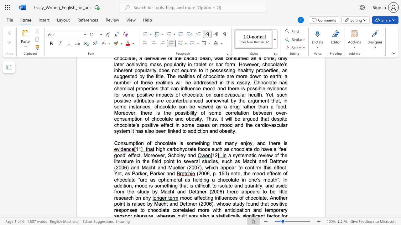 This screenshot has width=401, height=225. I want to click on the space between the continuous character "i" and "s" in the text, so click(269, 167).